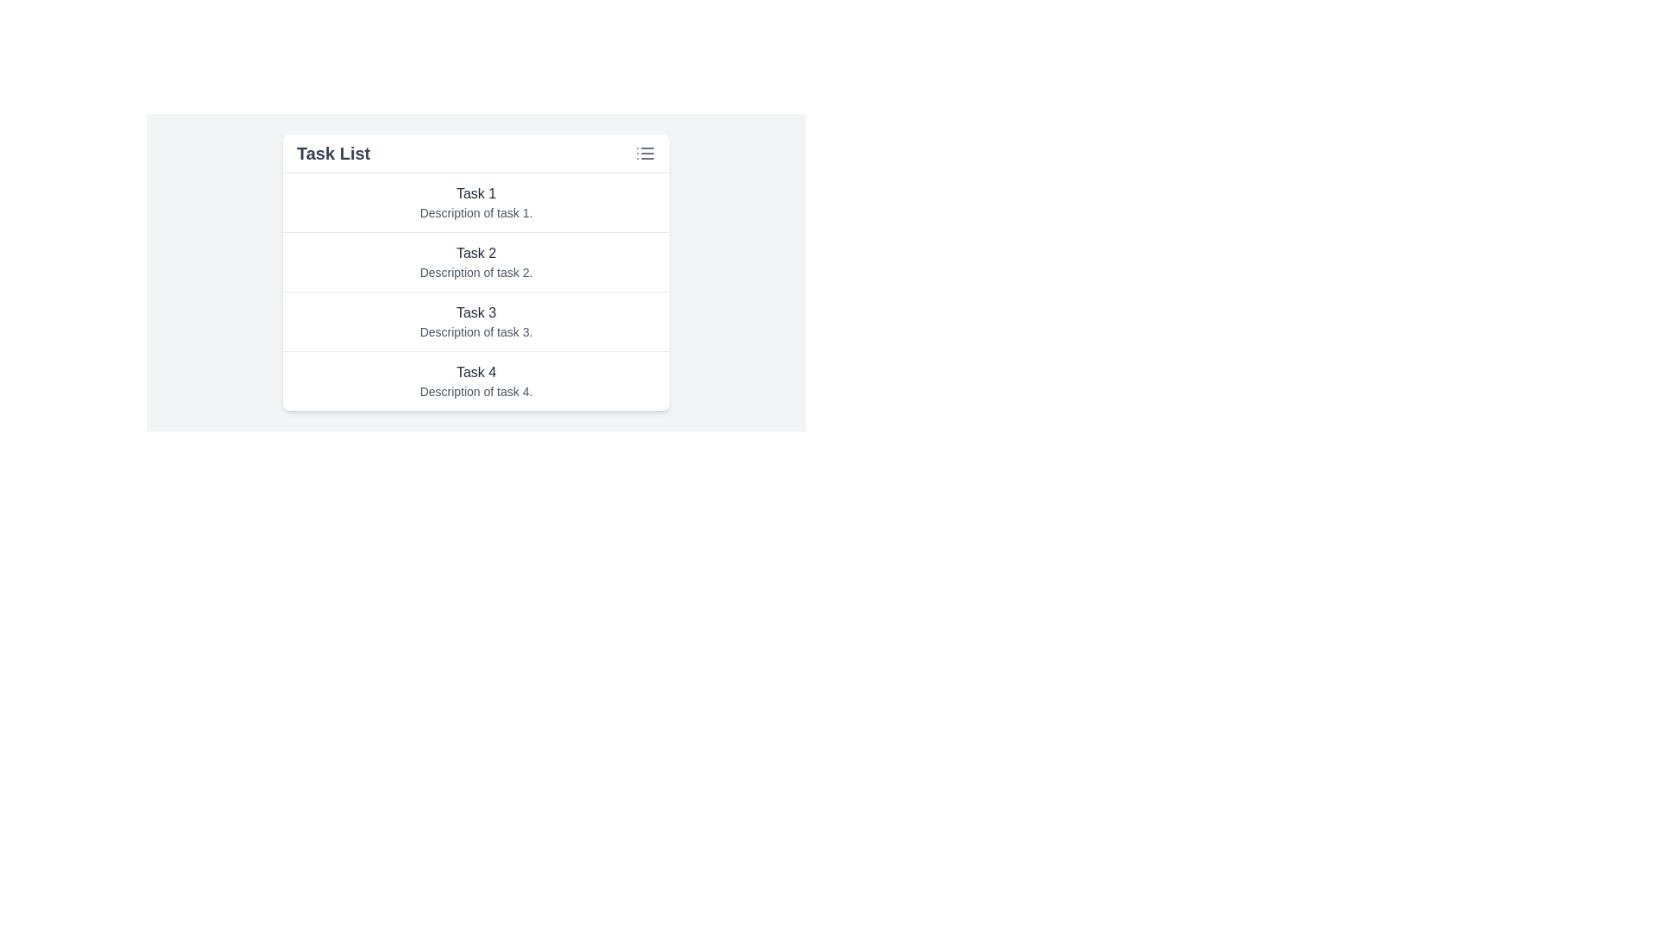 This screenshot has width=1657, height=932. Describe the element at coordinates (476, 372) in the screenshot. I see `the Text Label in the fourth row of the task list` at that location.